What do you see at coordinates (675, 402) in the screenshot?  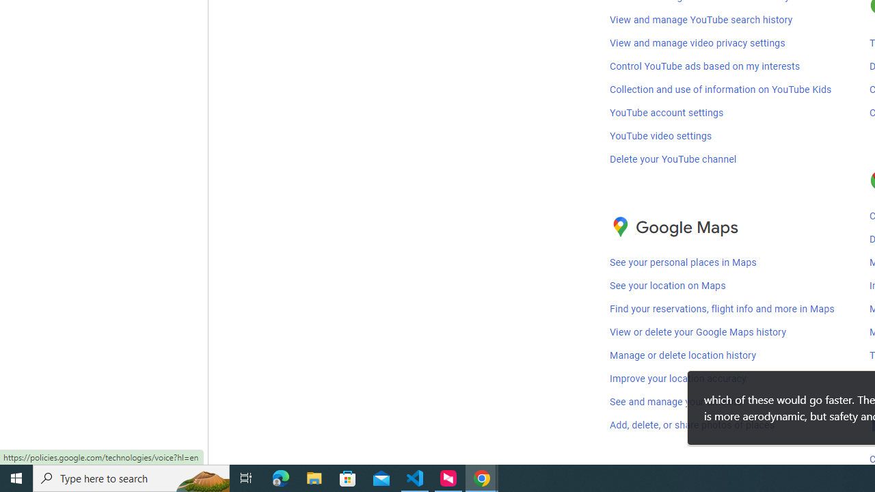 I see `'See and manage your timeline'` at bounding box center [675, 402].